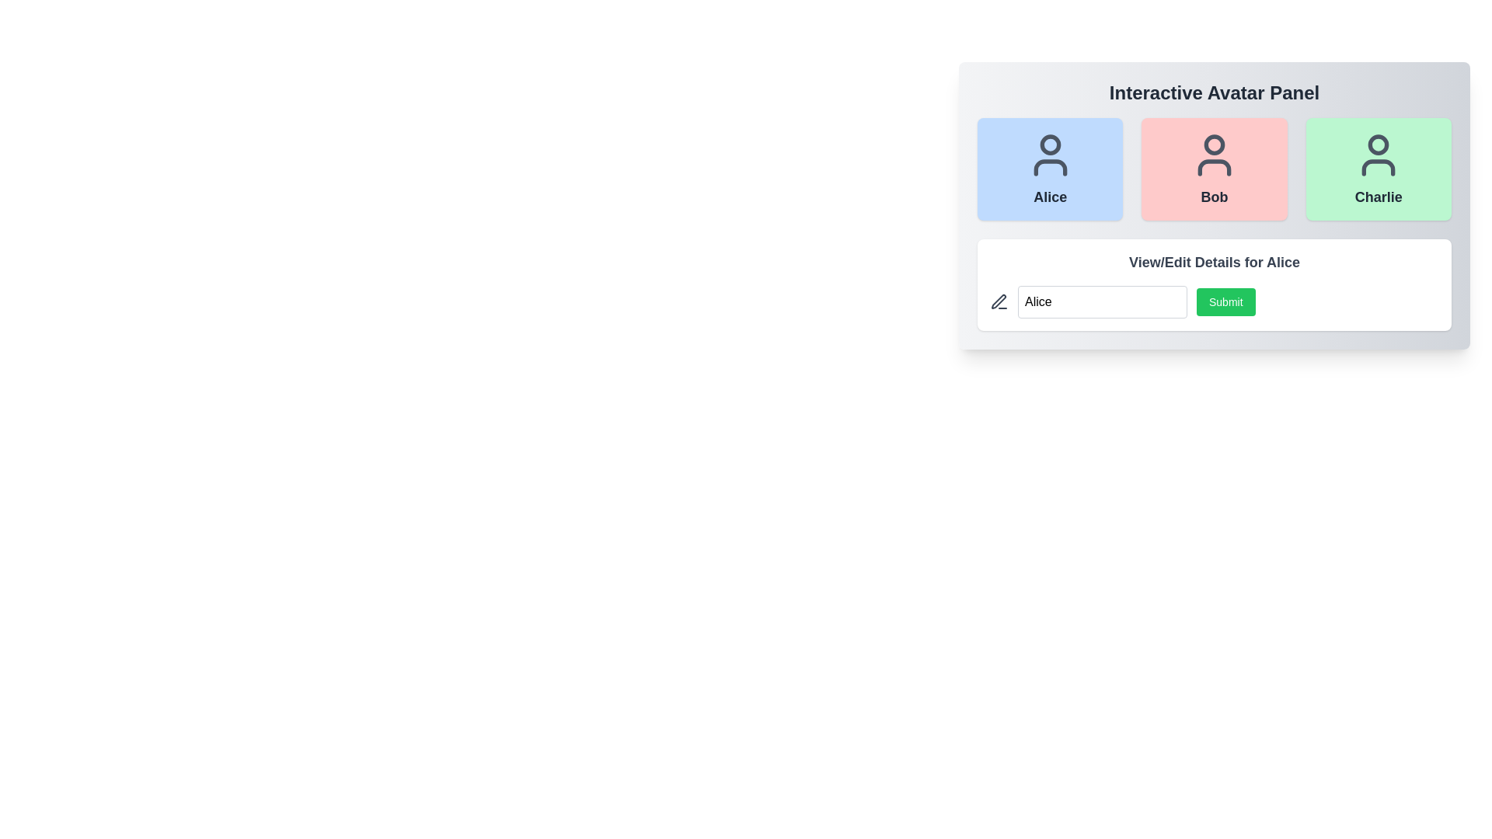  Describe the element at coordinates (1214, 302) in the screenshot. I see `the submission button located at the right end of the layout under 'View/Edit Details for Alice'` at that location.